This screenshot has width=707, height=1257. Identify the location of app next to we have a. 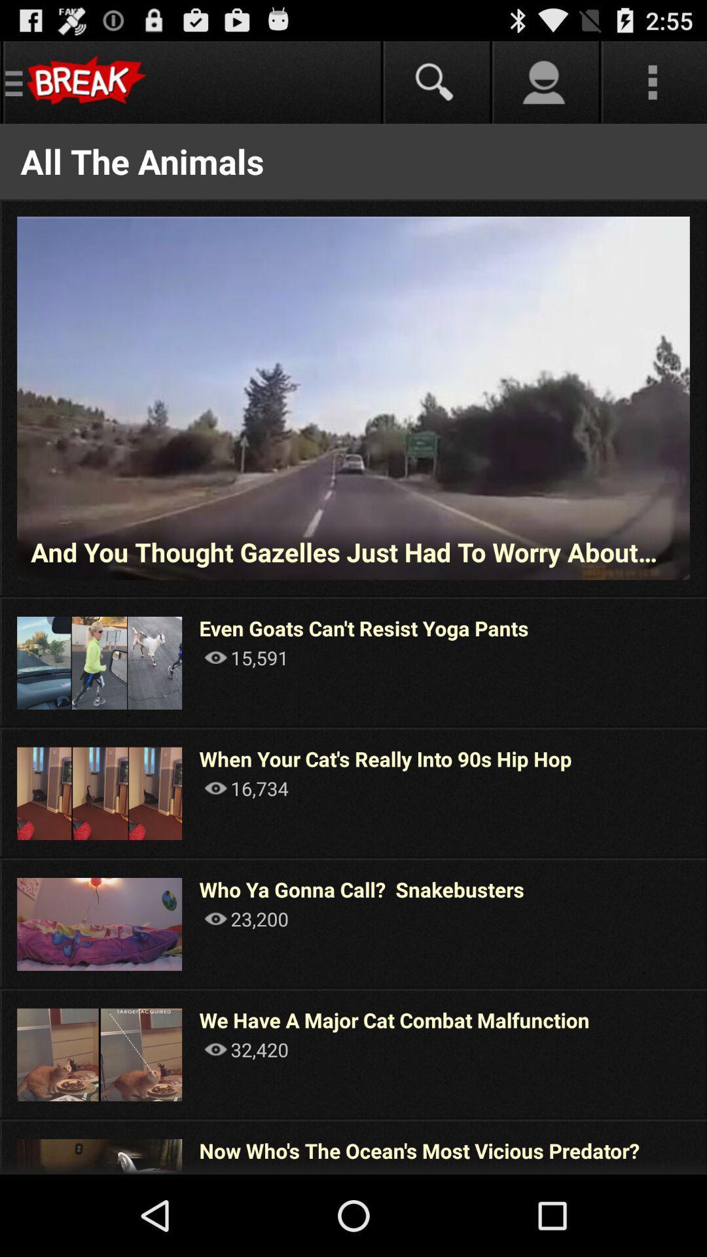
(705, 1054).